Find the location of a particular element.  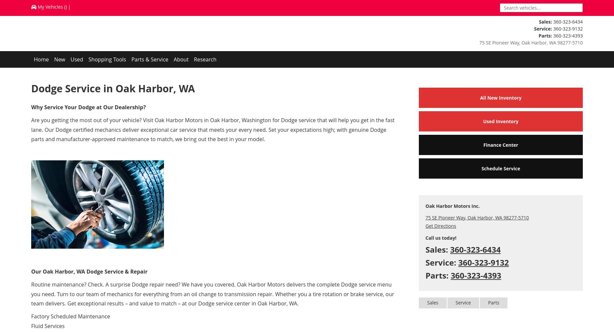

'All New Inventory' is located at coordinates (500, 98).